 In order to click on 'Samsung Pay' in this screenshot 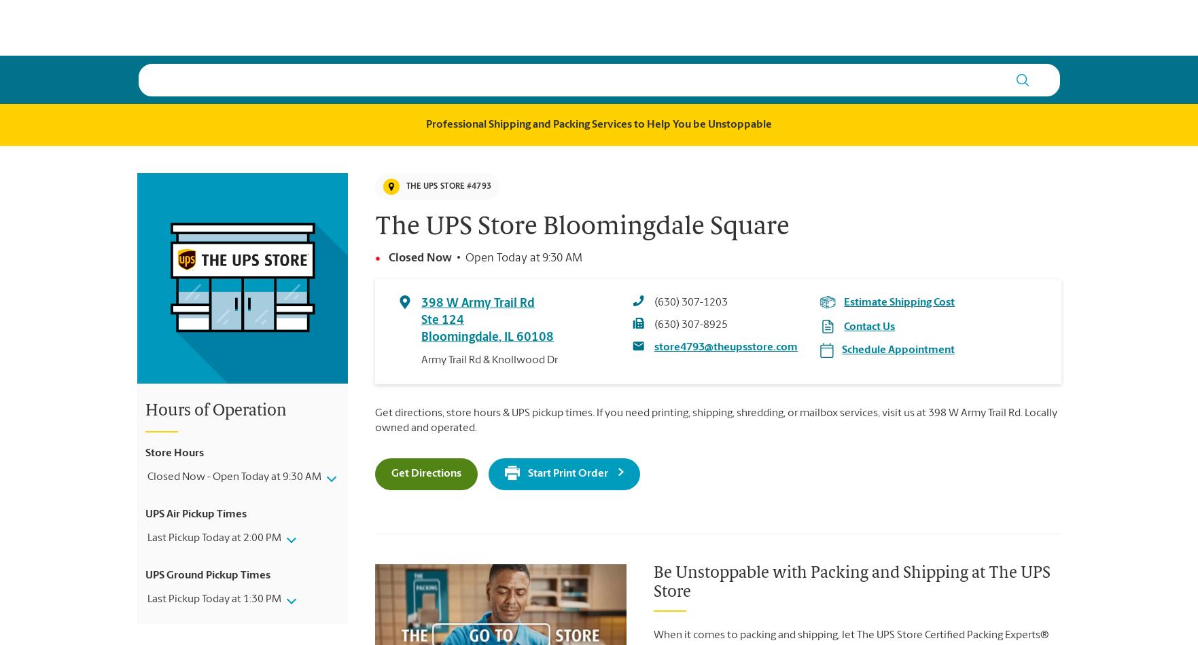, I will do `click(450, 524)`.